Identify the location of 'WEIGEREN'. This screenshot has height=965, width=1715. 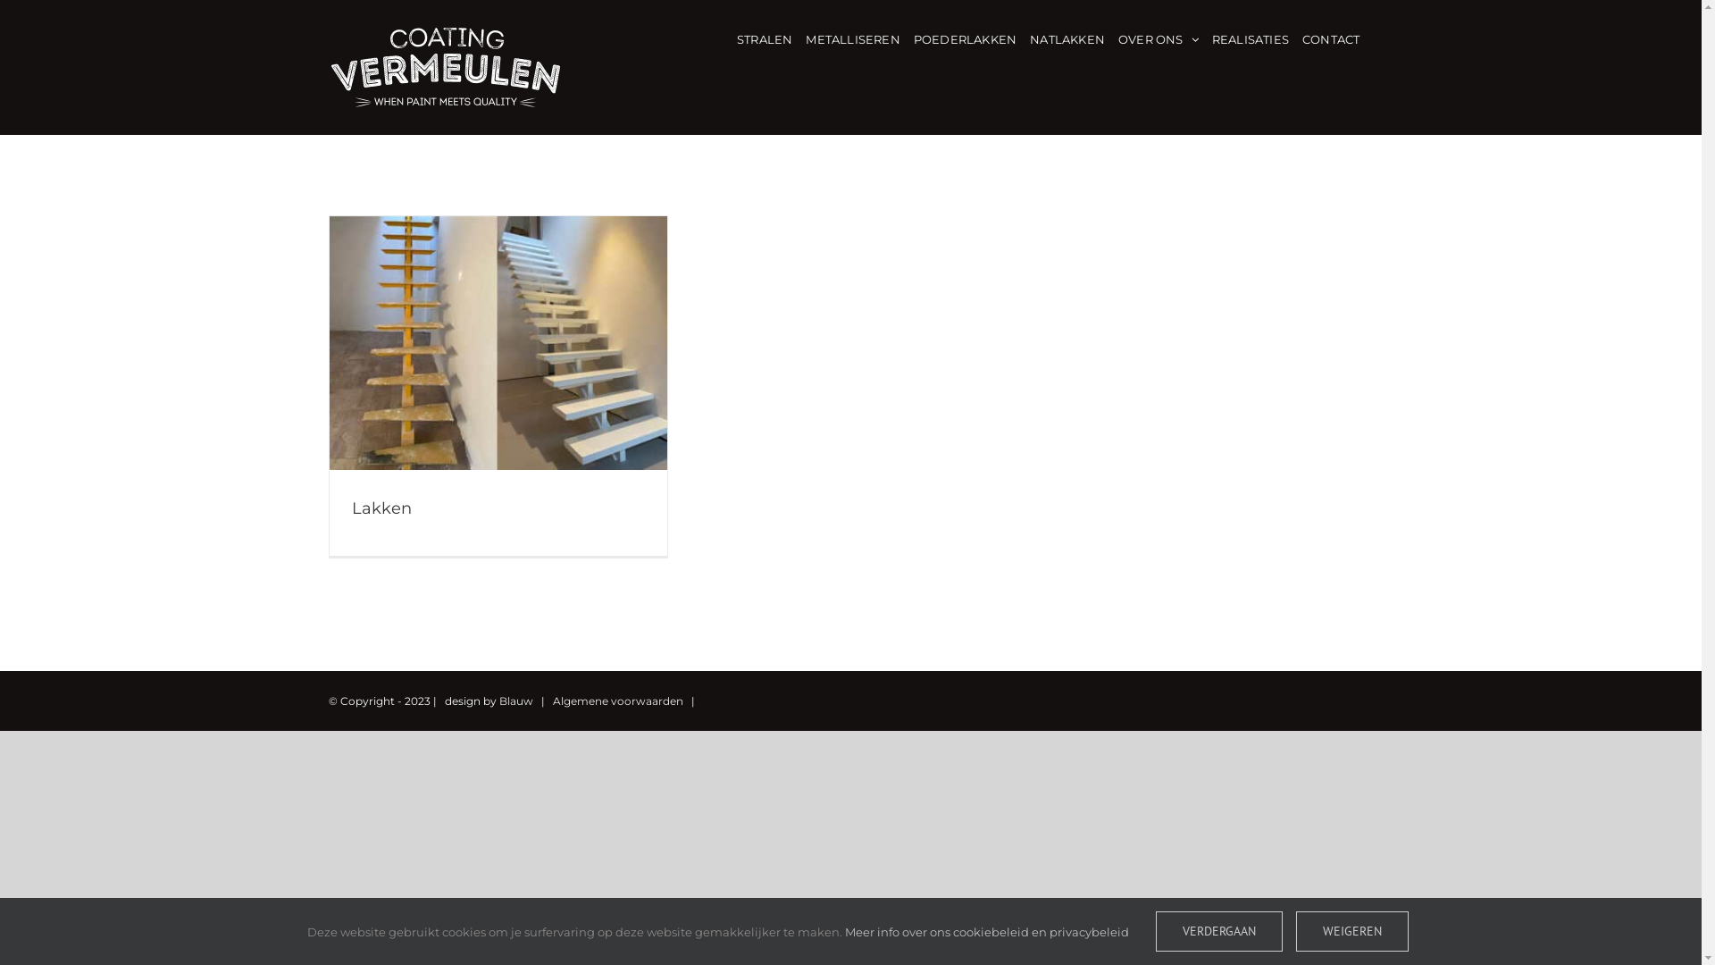
(1351, 930).